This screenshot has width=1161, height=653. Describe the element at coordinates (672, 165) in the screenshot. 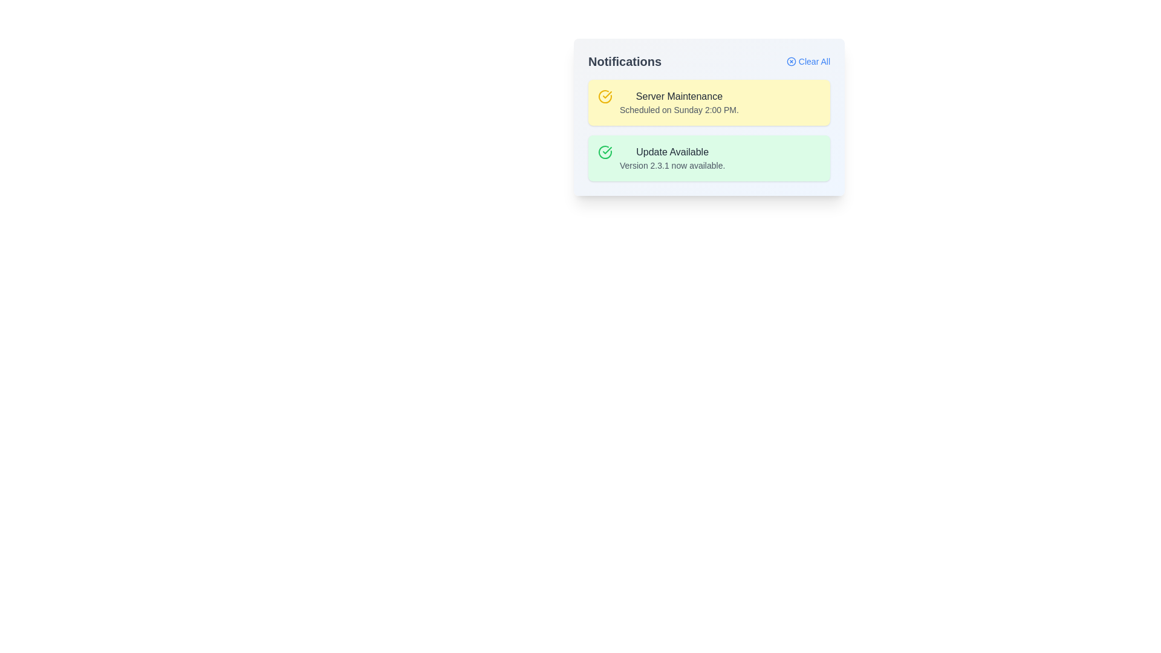

I see `the static text label indicating the availability of version 2.3.1, which is positioned under the 'Update Available' heading in the green notification box` at that location.